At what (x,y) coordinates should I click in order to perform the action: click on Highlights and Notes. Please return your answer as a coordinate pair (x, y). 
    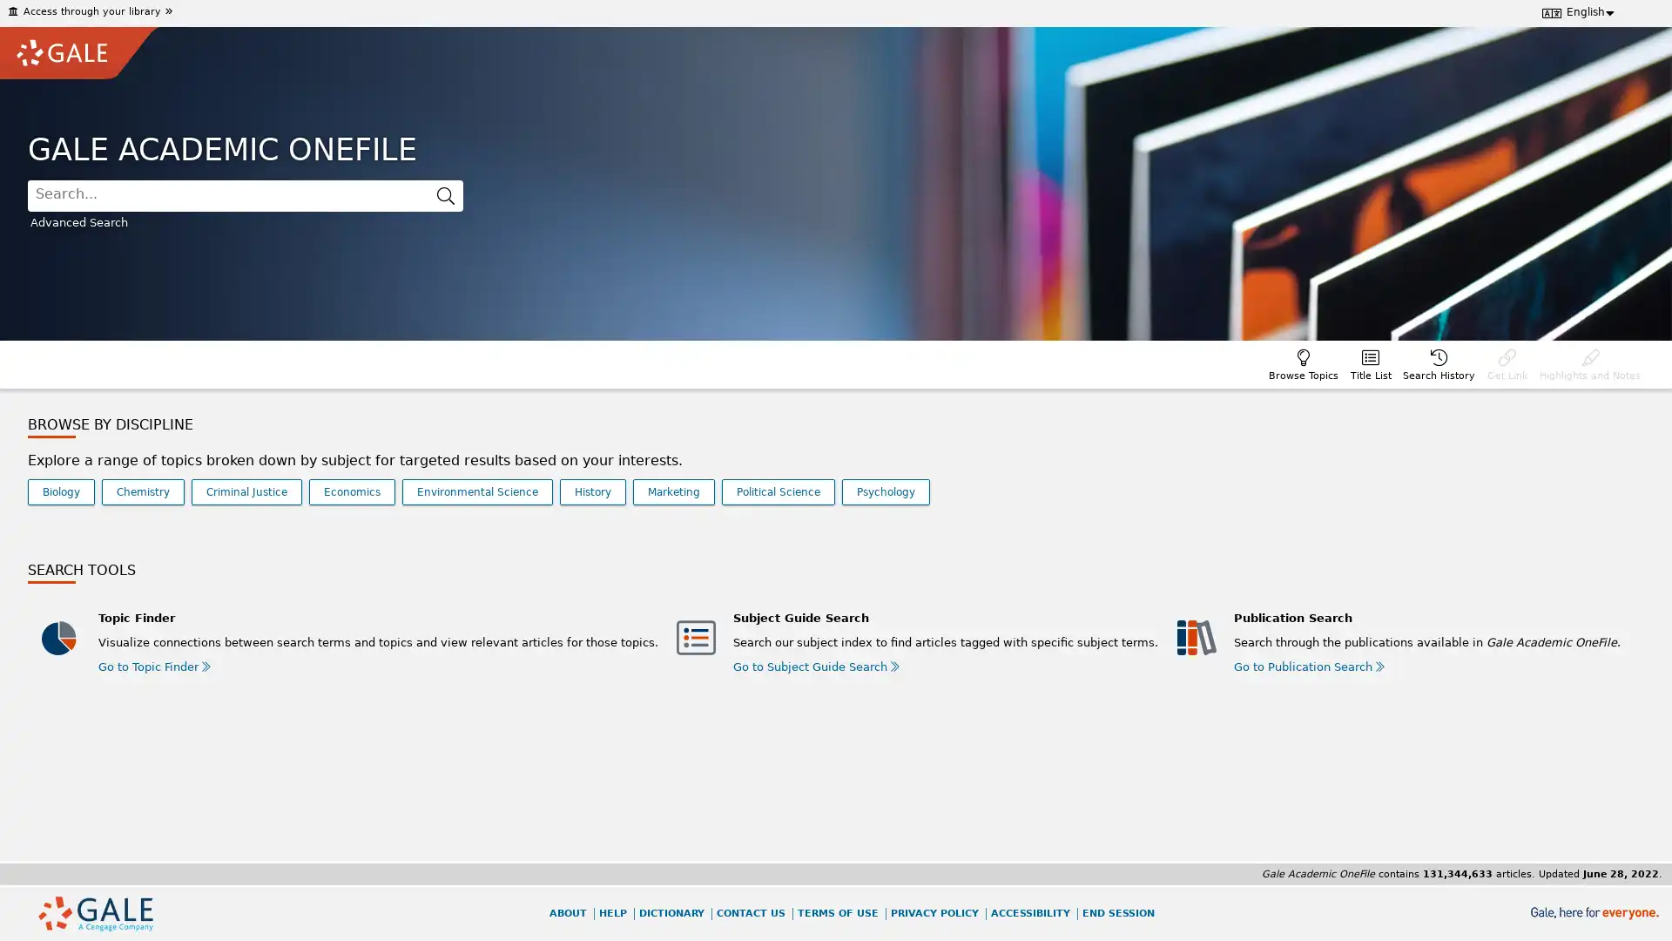
    Looking at the image, I should click on (1589, 362).